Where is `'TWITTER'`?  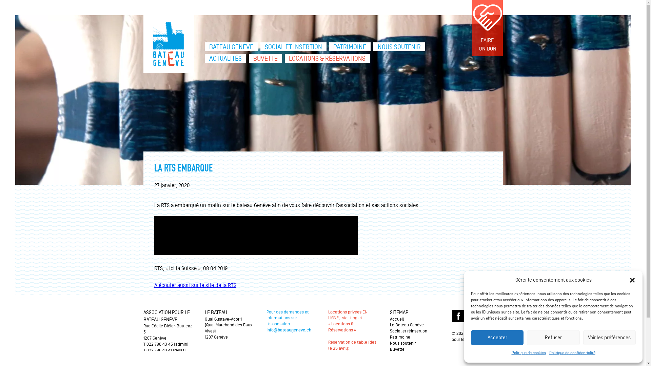
'TWITTER' is located at coordinates (473, 316).